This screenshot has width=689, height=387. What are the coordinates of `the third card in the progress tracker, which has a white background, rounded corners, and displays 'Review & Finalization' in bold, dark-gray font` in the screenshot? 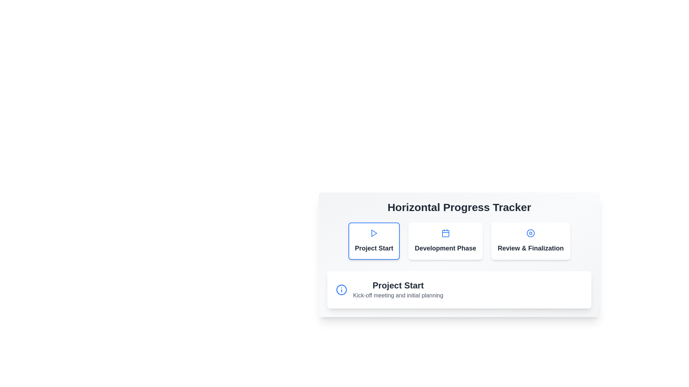 It's located at (530, 241).